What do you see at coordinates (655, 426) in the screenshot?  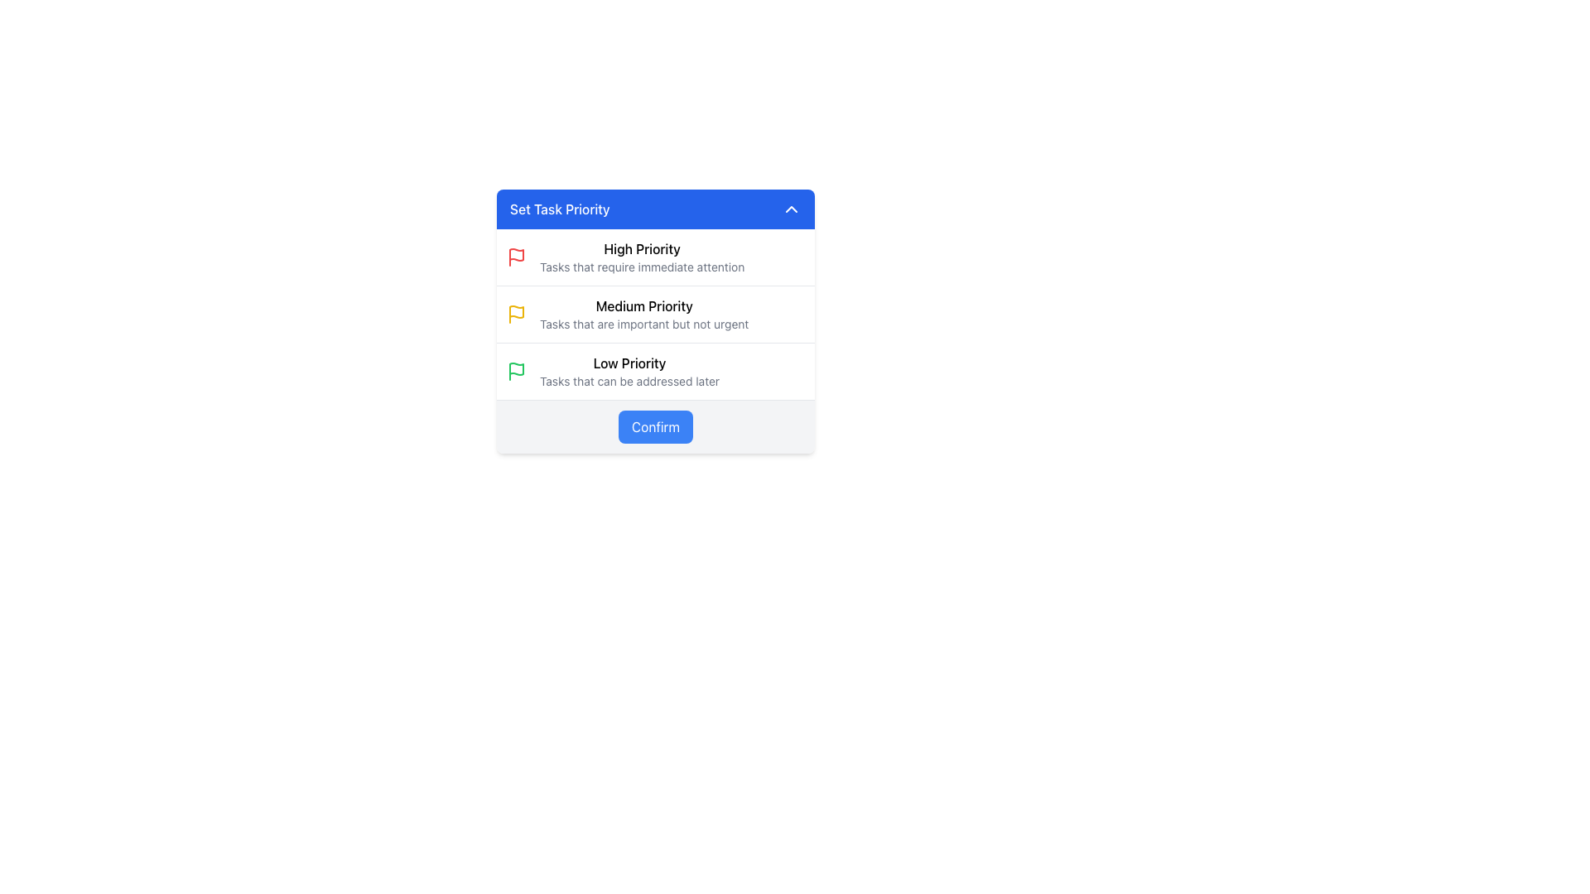 I see `the blue rectangular button labeled 'Confirm' to change its background color, located at the center of the bottom section of the modal dialog` at bounding box center [655, 426].